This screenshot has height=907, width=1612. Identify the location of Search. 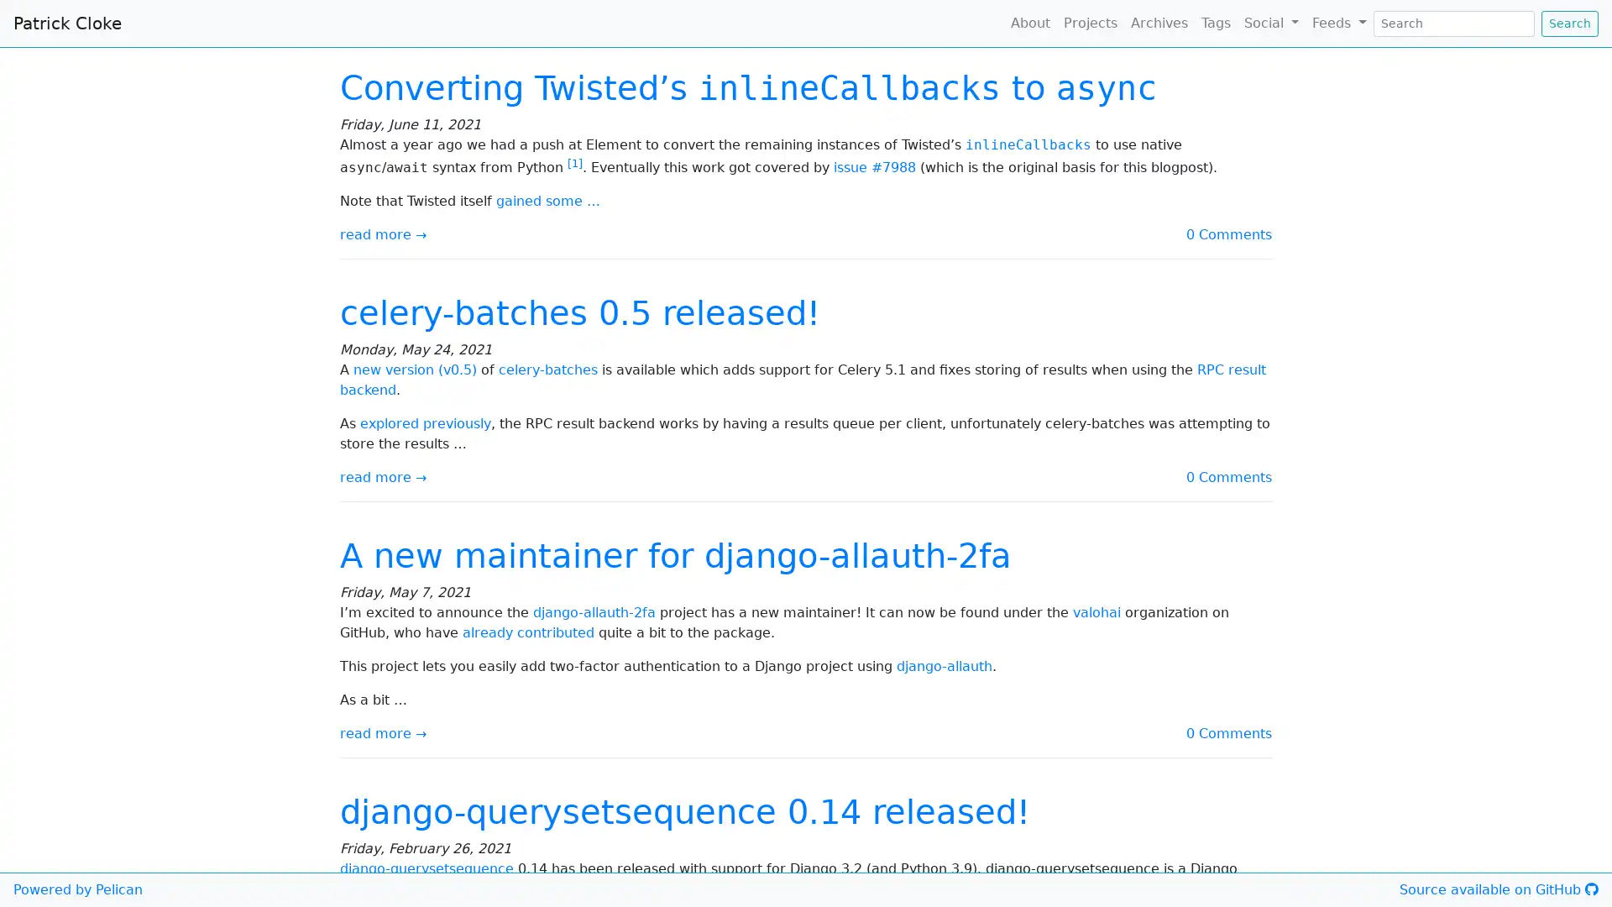
(1569, 23).